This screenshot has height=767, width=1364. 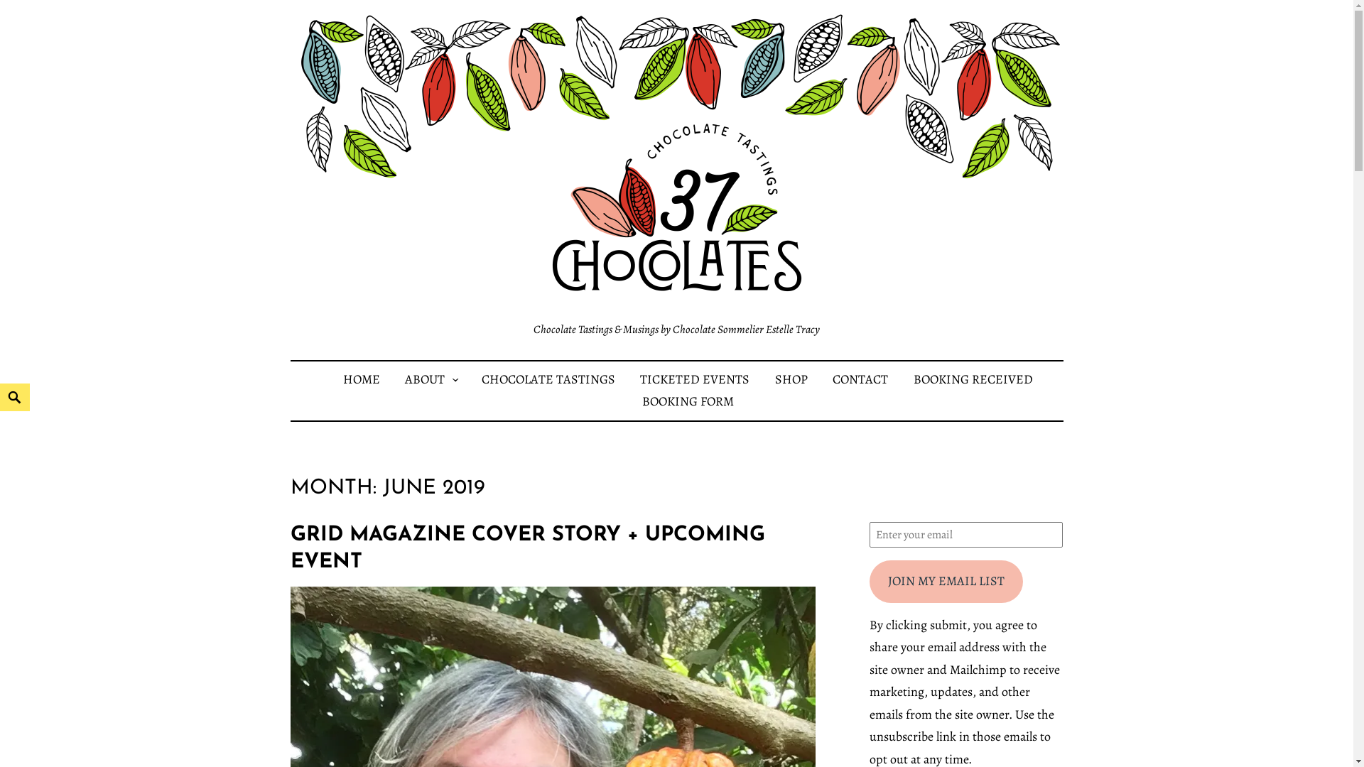 I want to click on 'JOIN MY EMAIL LIST', so click(x=946, y=581).